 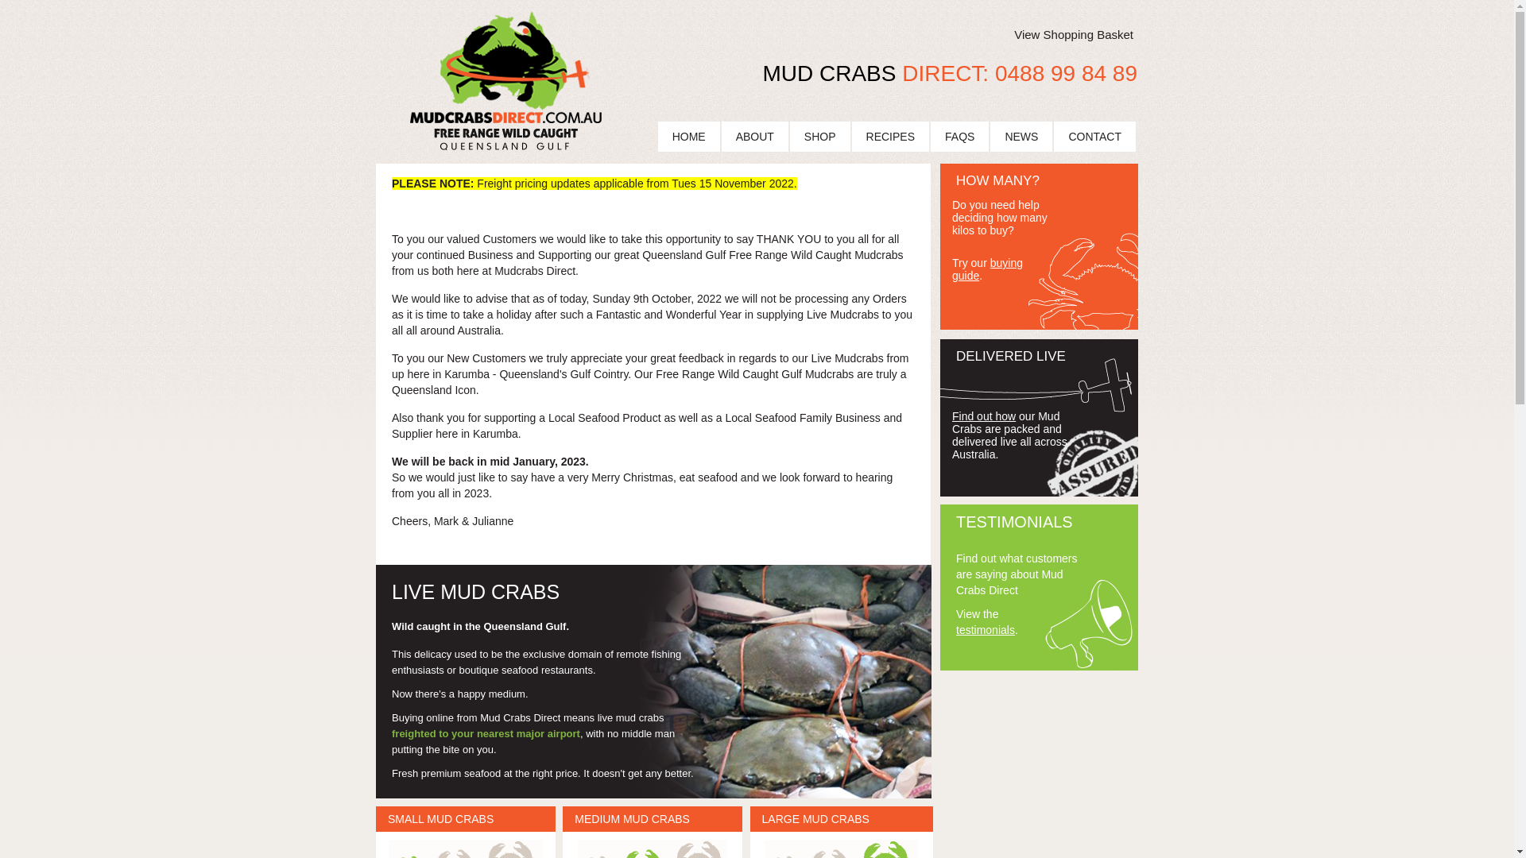 I want to click on 'Find out how', so click(x=983, y=415).